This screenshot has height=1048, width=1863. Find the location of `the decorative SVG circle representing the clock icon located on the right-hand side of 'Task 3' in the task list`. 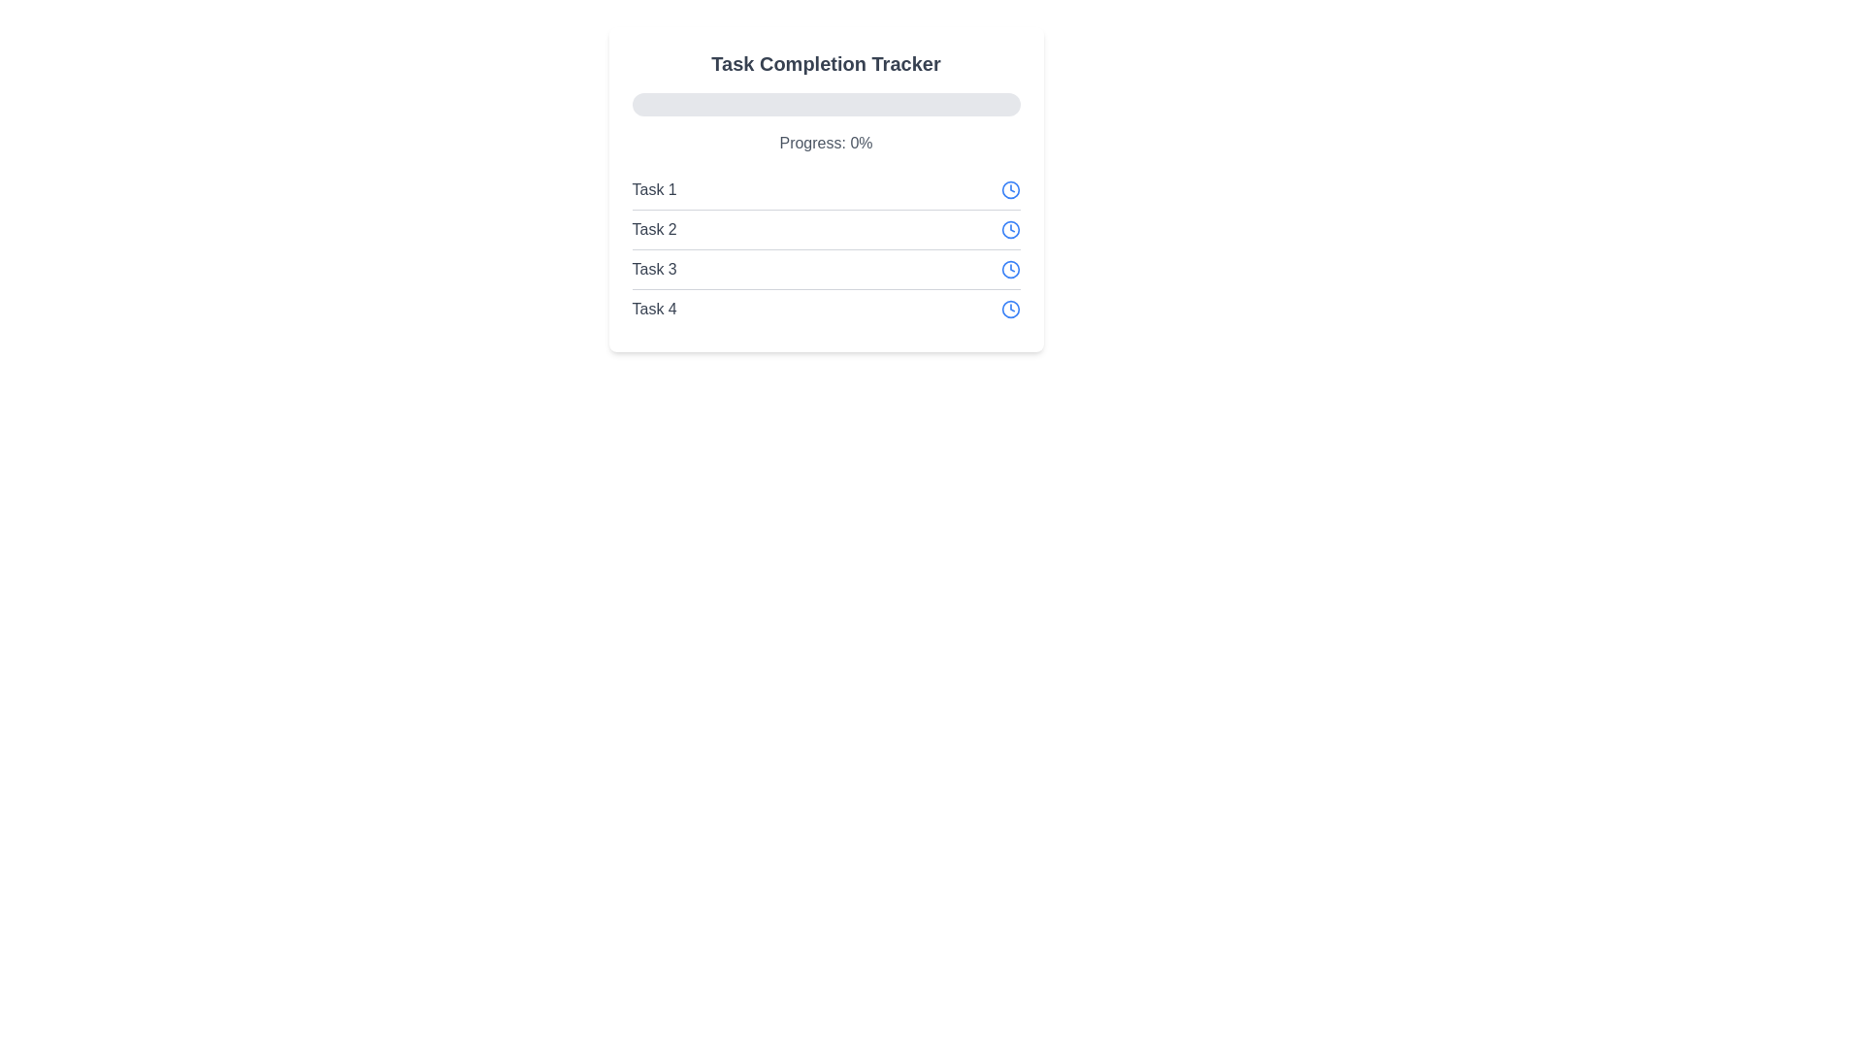

the decorative SVG circle representing the clock icon located on the right-hand side of 'Task 3' in the task list is located at coordinates (1009, 269).